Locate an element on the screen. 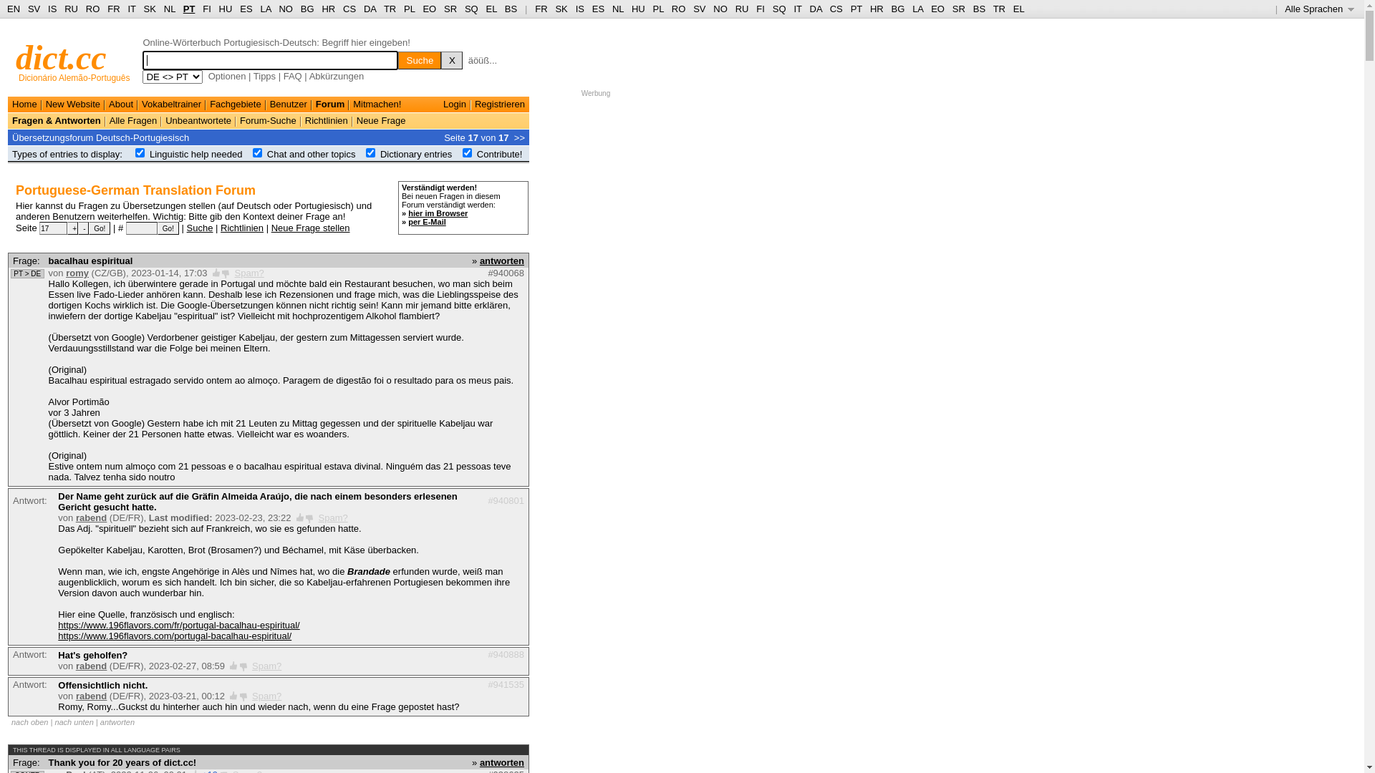  'CS' is located at coordinates (349, 9).